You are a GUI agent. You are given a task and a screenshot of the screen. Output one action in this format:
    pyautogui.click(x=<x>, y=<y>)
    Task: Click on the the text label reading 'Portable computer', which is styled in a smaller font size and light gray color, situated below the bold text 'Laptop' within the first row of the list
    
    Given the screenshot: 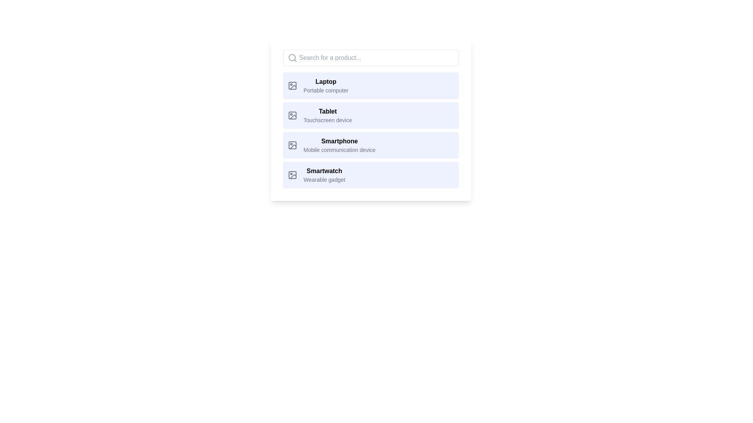 What is the action you would take?
    pyautogui.click(x=326, y=90)
    